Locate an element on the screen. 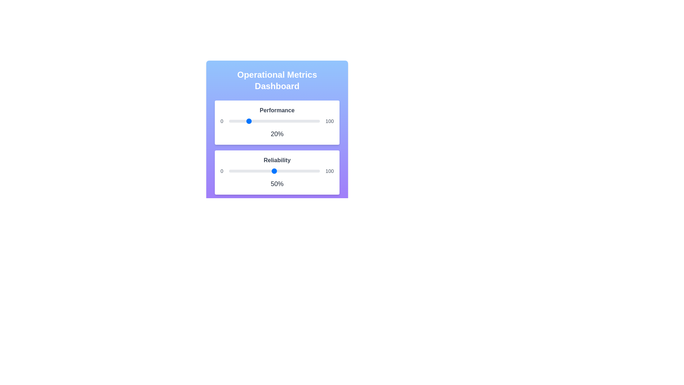 The image size is (684, 385). the reliability value is located at coordinates (250, 171).